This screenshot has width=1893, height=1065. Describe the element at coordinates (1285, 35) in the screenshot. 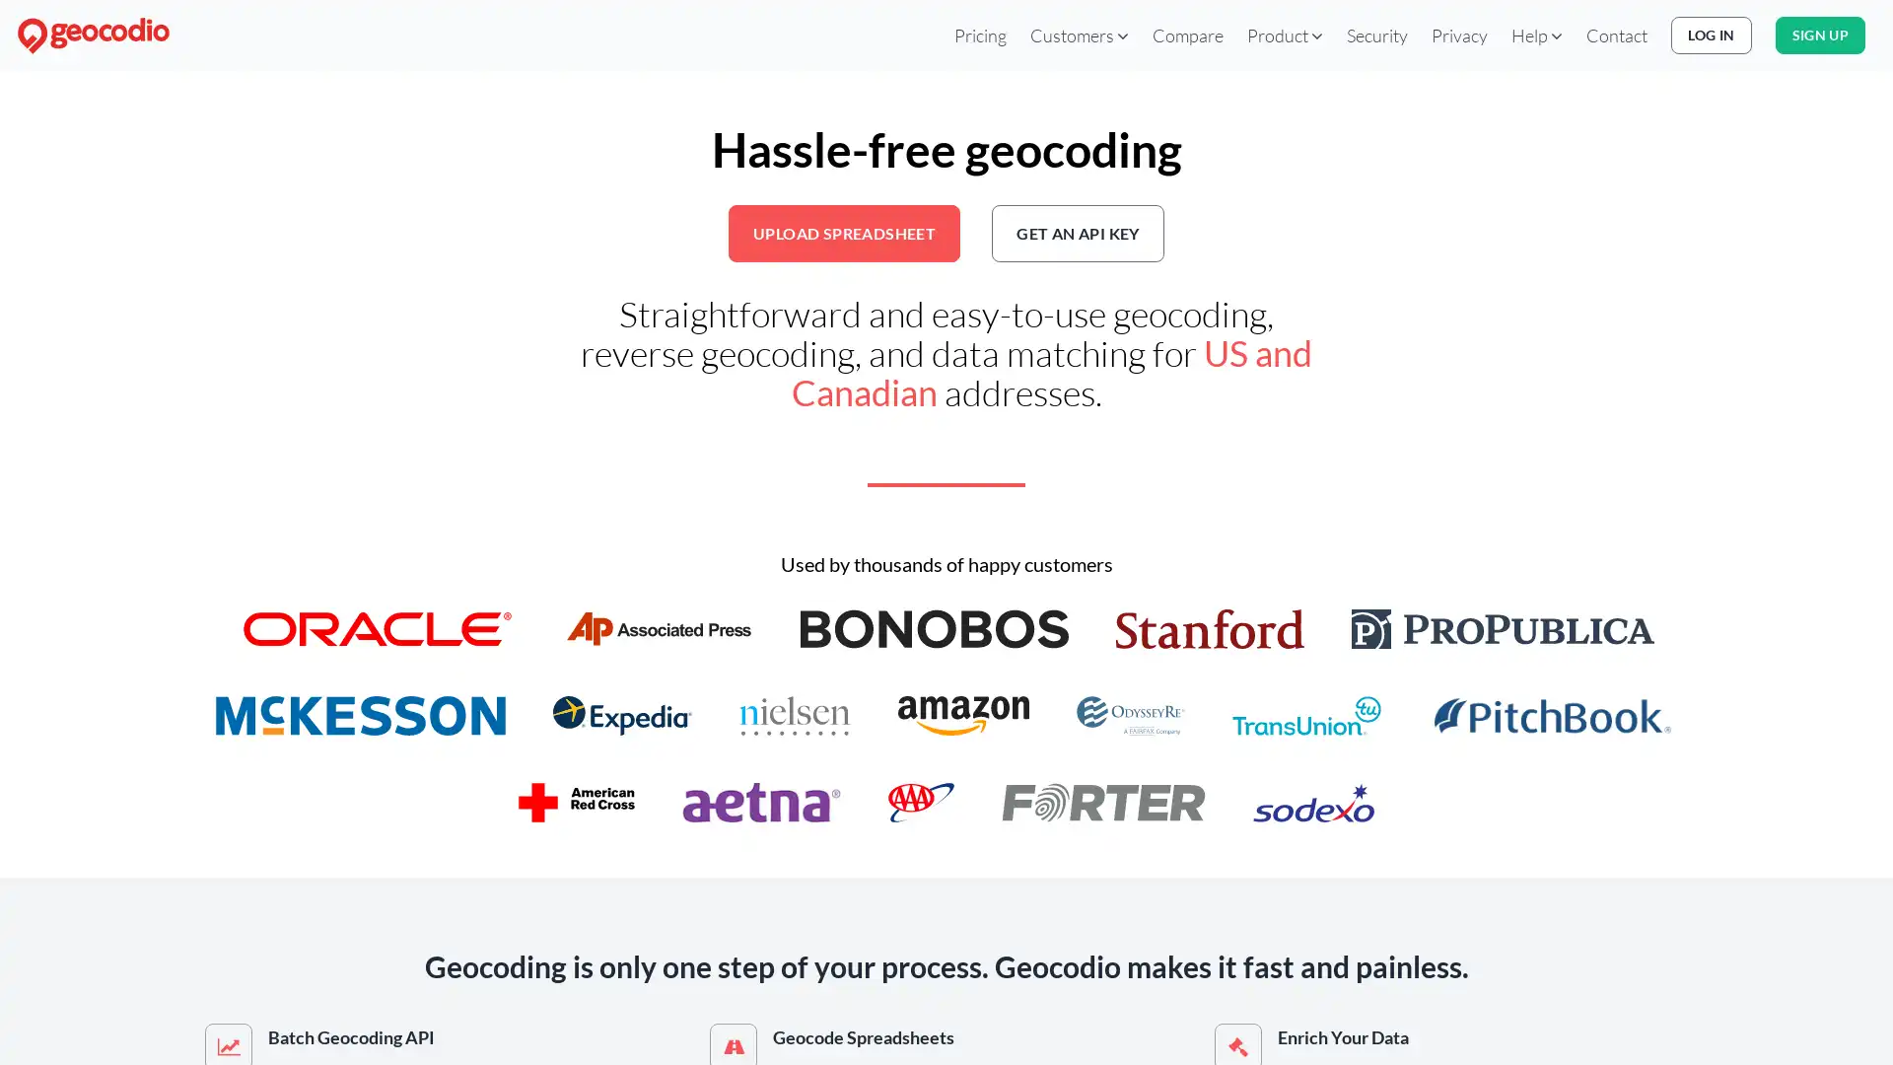

I see `Product` at that location.